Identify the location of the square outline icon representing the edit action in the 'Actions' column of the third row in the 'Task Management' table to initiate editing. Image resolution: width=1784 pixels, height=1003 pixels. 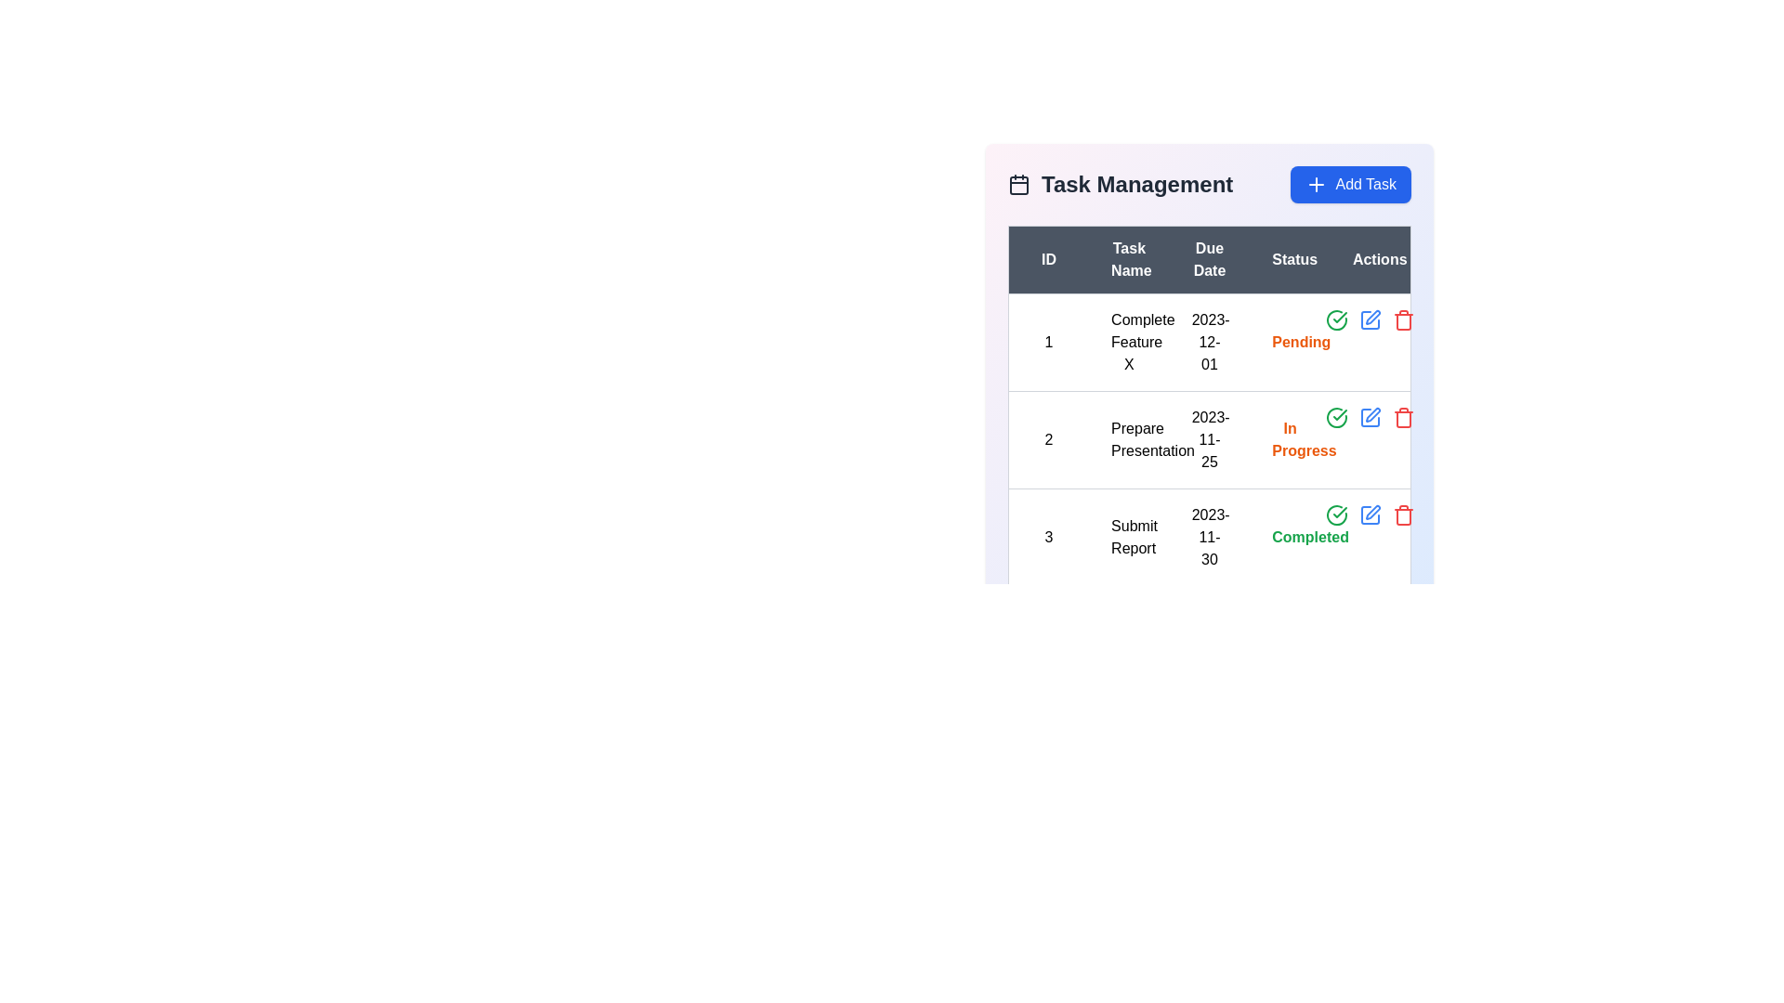
(1369, 418).